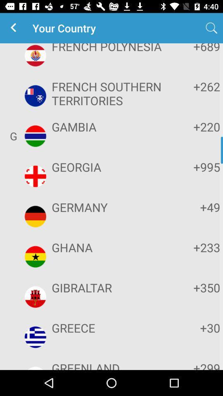  I want to click on +350, so click(195, 288).